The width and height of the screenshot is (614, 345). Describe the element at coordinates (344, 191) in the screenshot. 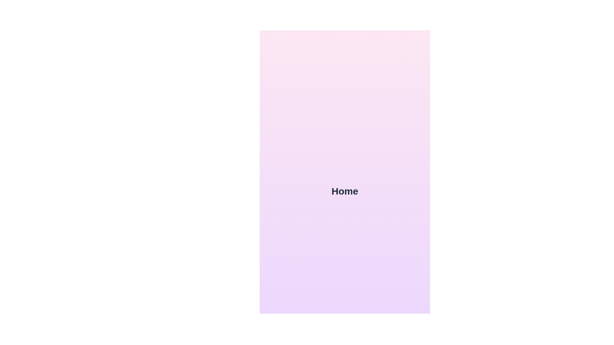

I see `the text 'Home' displayed in the center of the component` at that location.